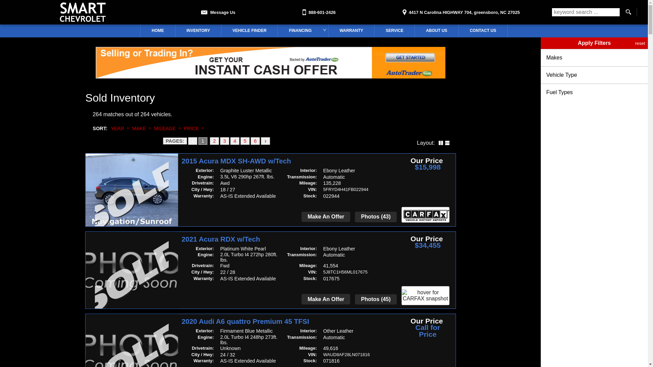 This screenshot has height=367, width=653. Describe the element at coordinates (83, 12) in the screenshot. I see `'Smart Chevrolet'` at that location.